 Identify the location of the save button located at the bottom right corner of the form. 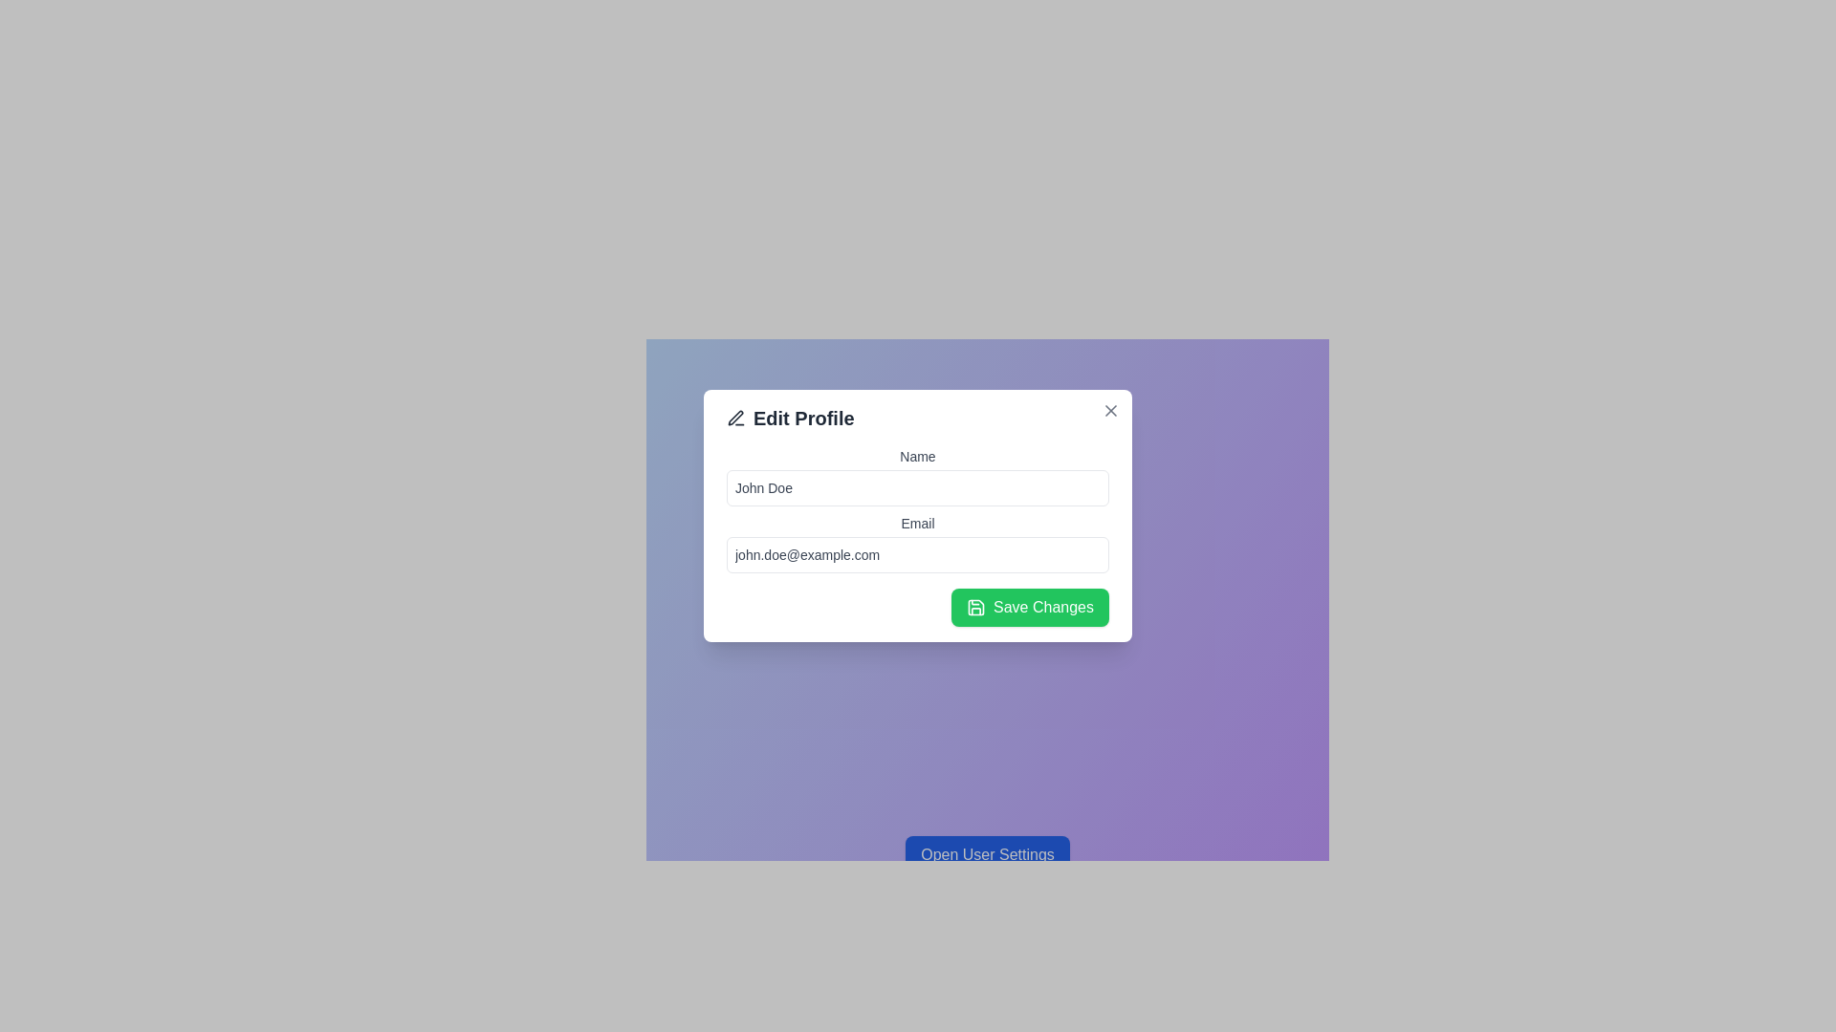
(1029, 608).